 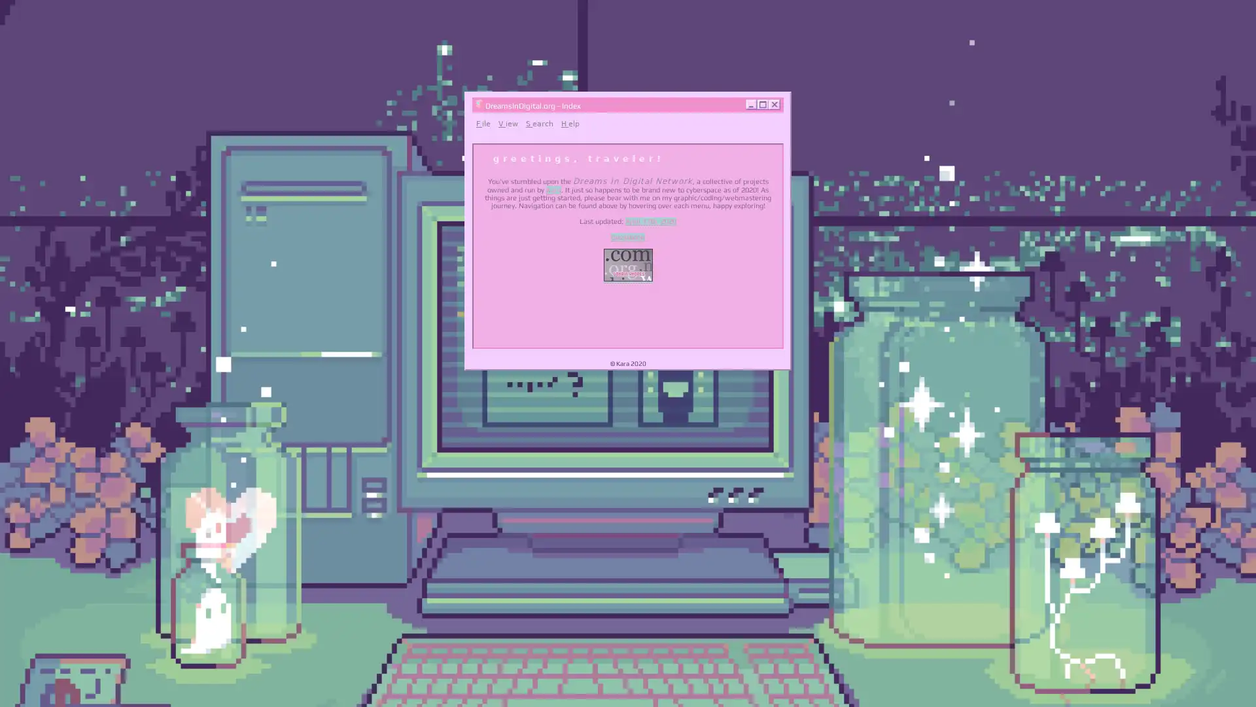 I want to click on File, so click(x=483, y=124).